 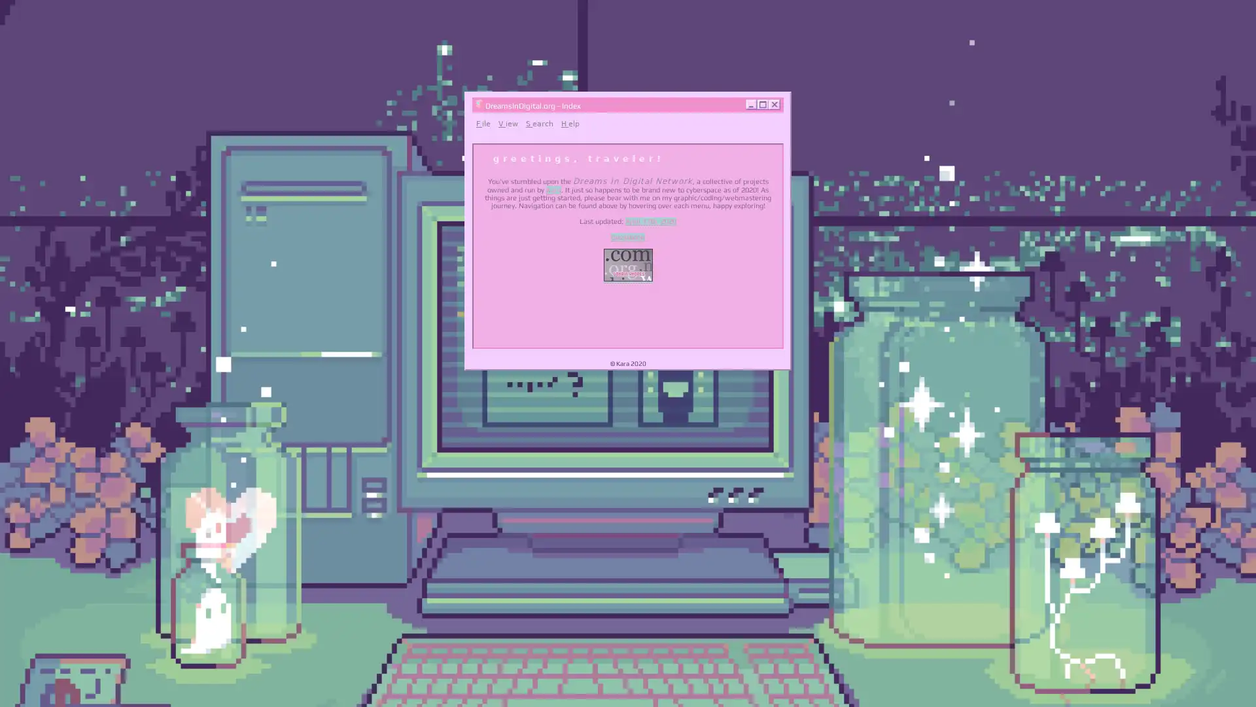 I want to click on File, so click(x=483, y=124).